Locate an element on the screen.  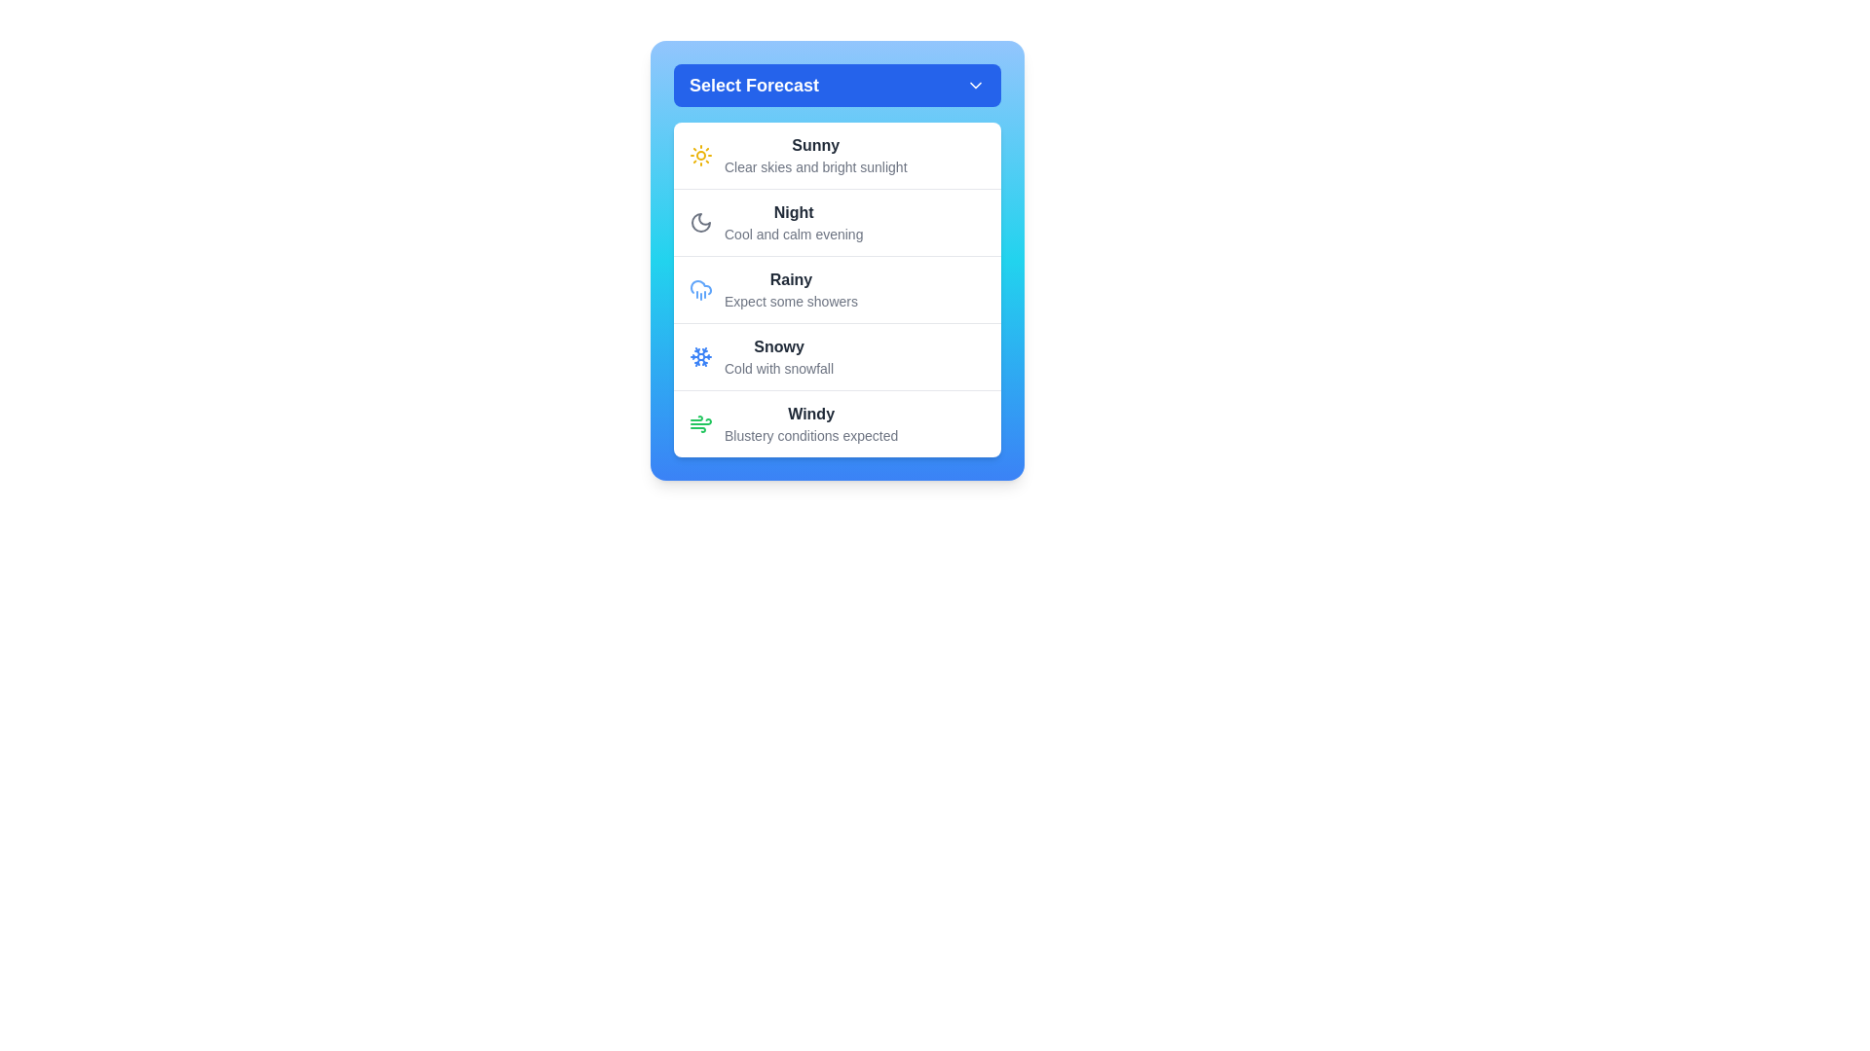
the bolded text label displaying the word 'Night' which is located in the second card of the weather forecast selection menu is located at coordinates (794, 213).